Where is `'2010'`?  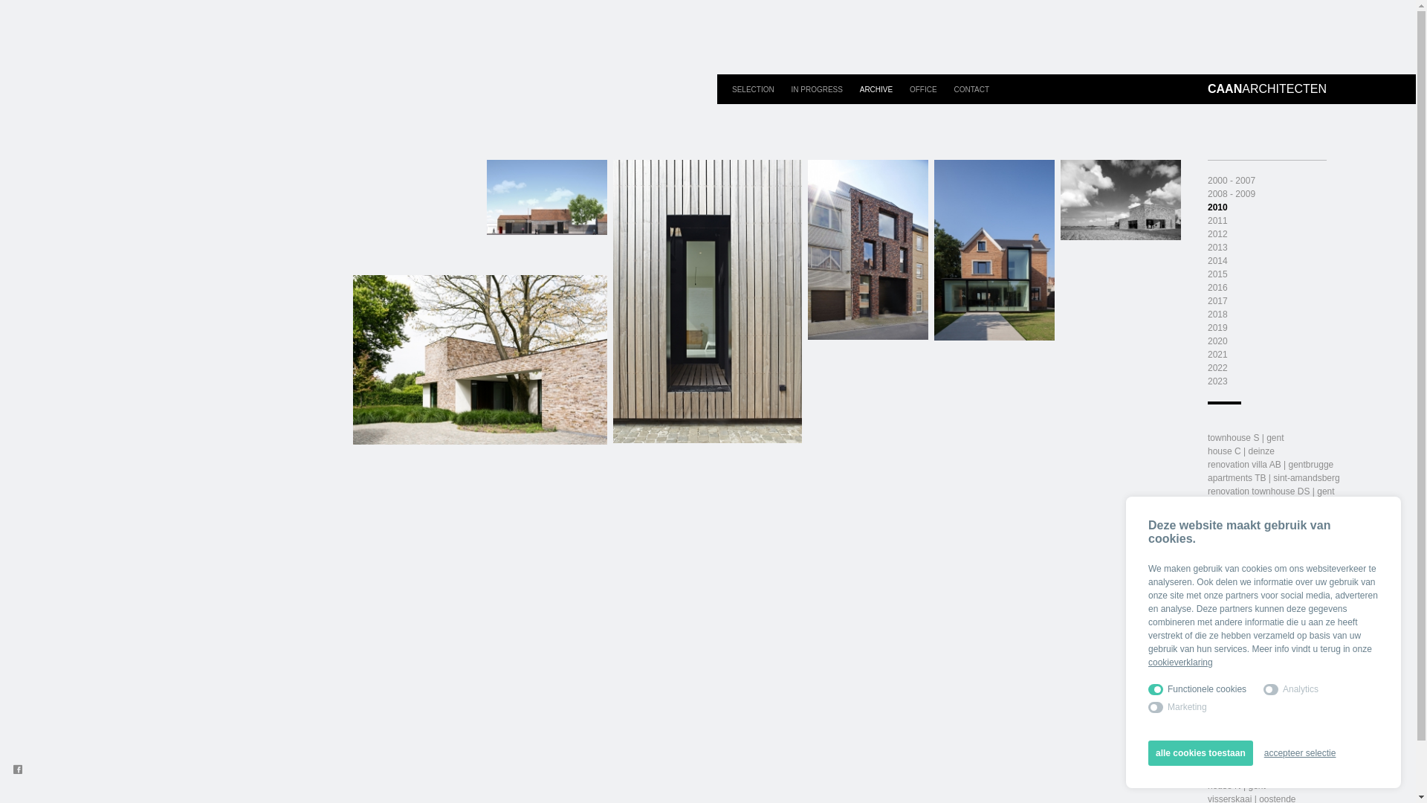
'2010' is located at coordinates (1217, 207).